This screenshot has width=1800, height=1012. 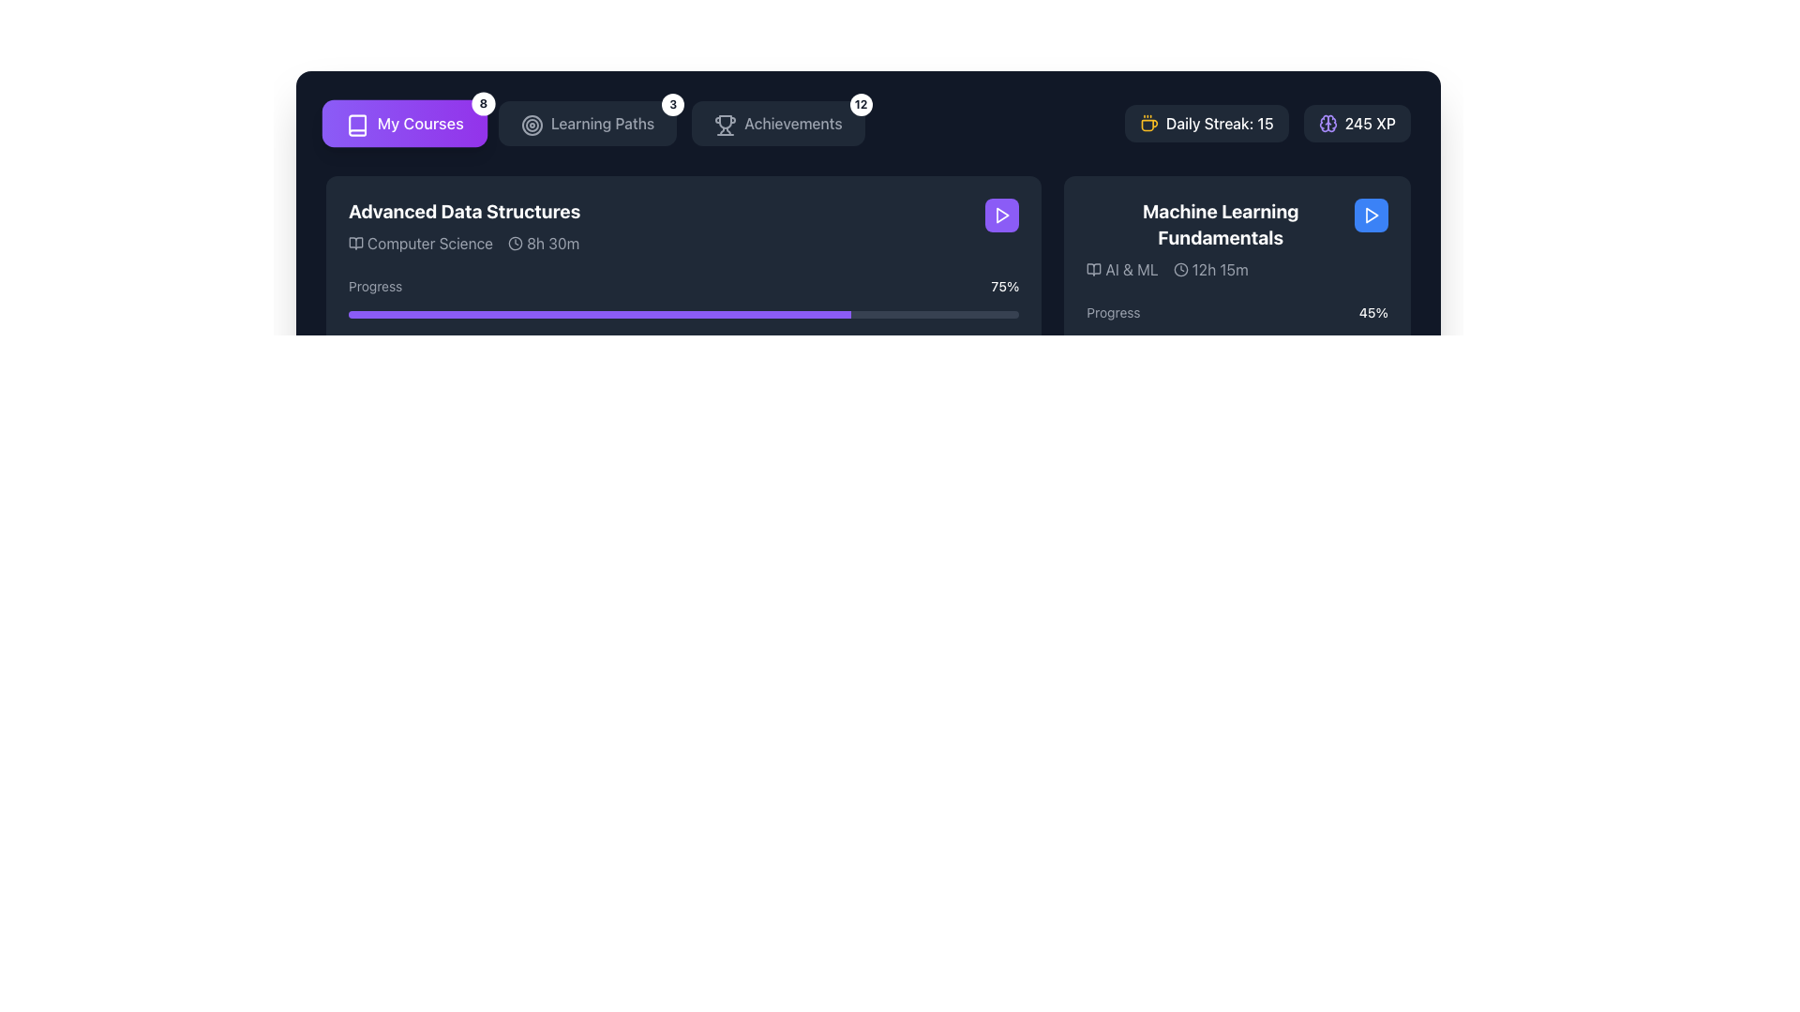 What do you see at coordinates (1179, 270) in the screenshot?
I see `the time duration icon for the course 'Machine Learning Fundamentals' located near the label '12h 15m' at the top-right corner of the course card` at bounding box center [1179, 270].